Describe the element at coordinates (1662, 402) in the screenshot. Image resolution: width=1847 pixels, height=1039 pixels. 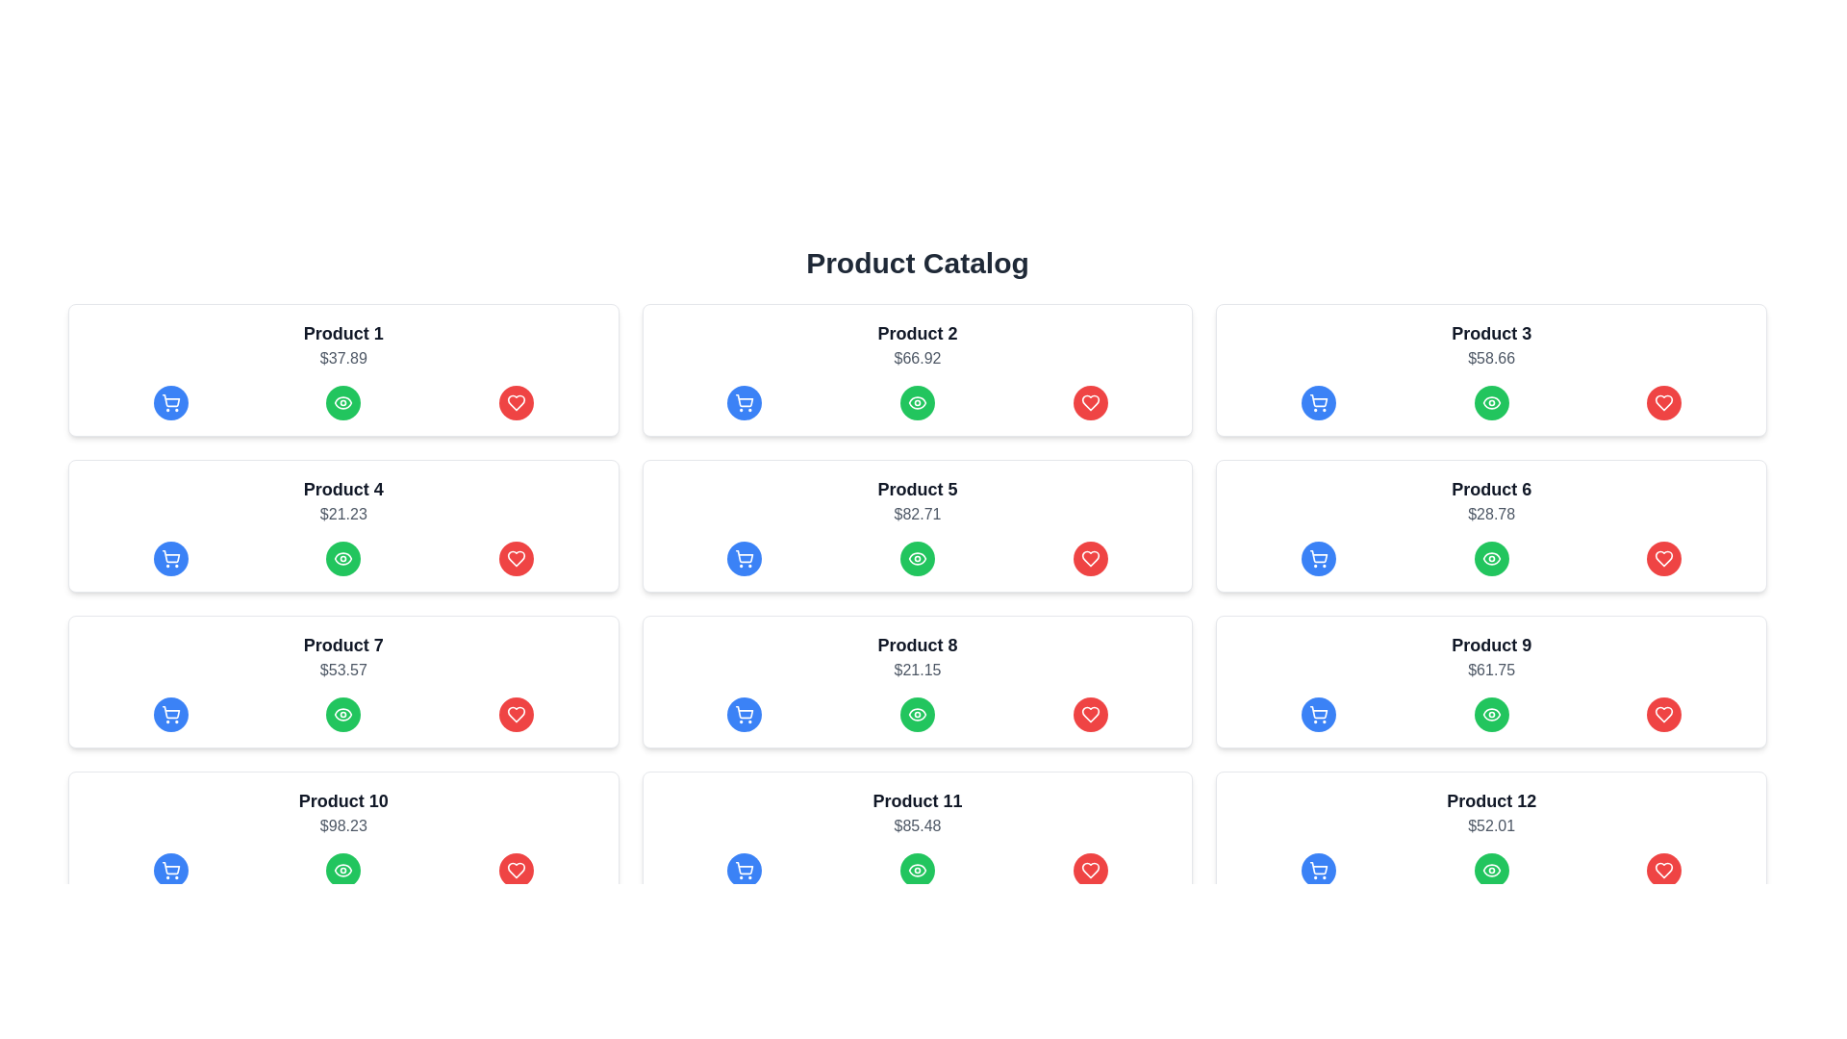
I see `the third button in the row of action buttons for 'Product 3' to mark it as a favorite` at that location.